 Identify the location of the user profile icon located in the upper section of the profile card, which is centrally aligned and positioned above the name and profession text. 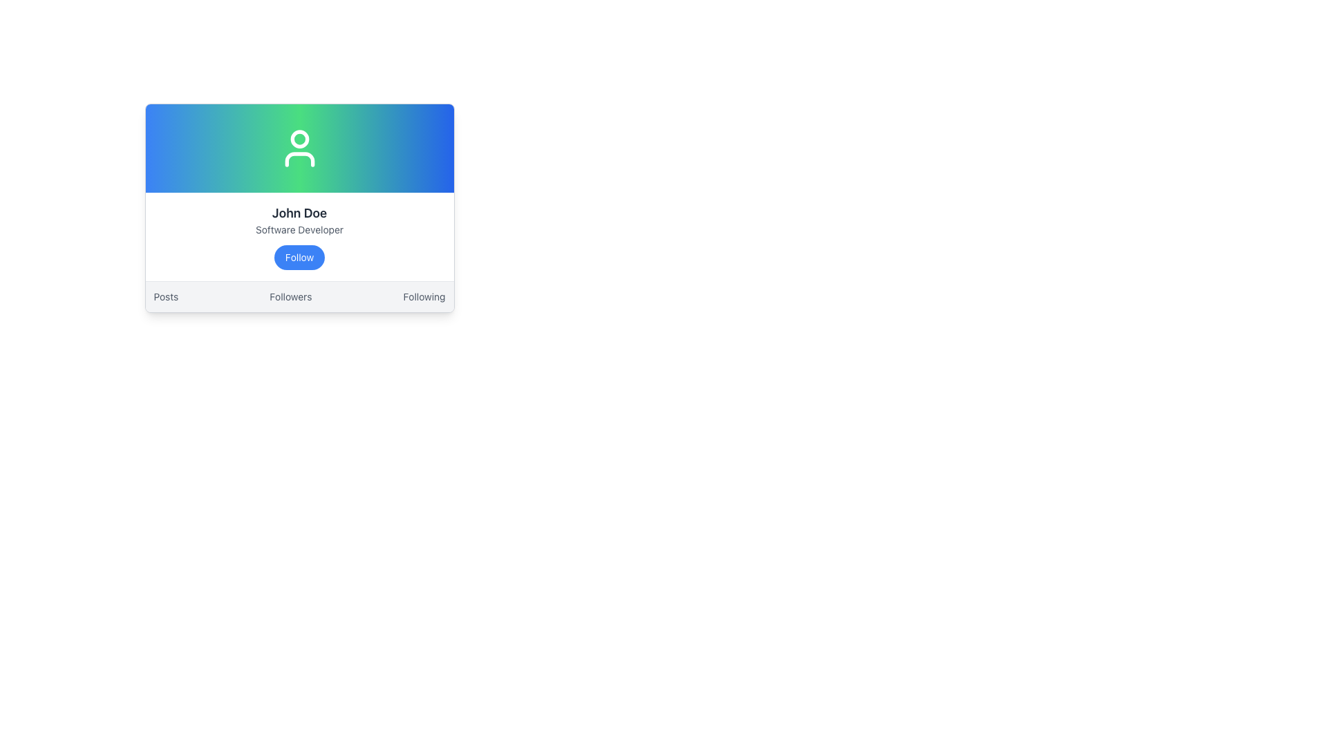
(299, 149).